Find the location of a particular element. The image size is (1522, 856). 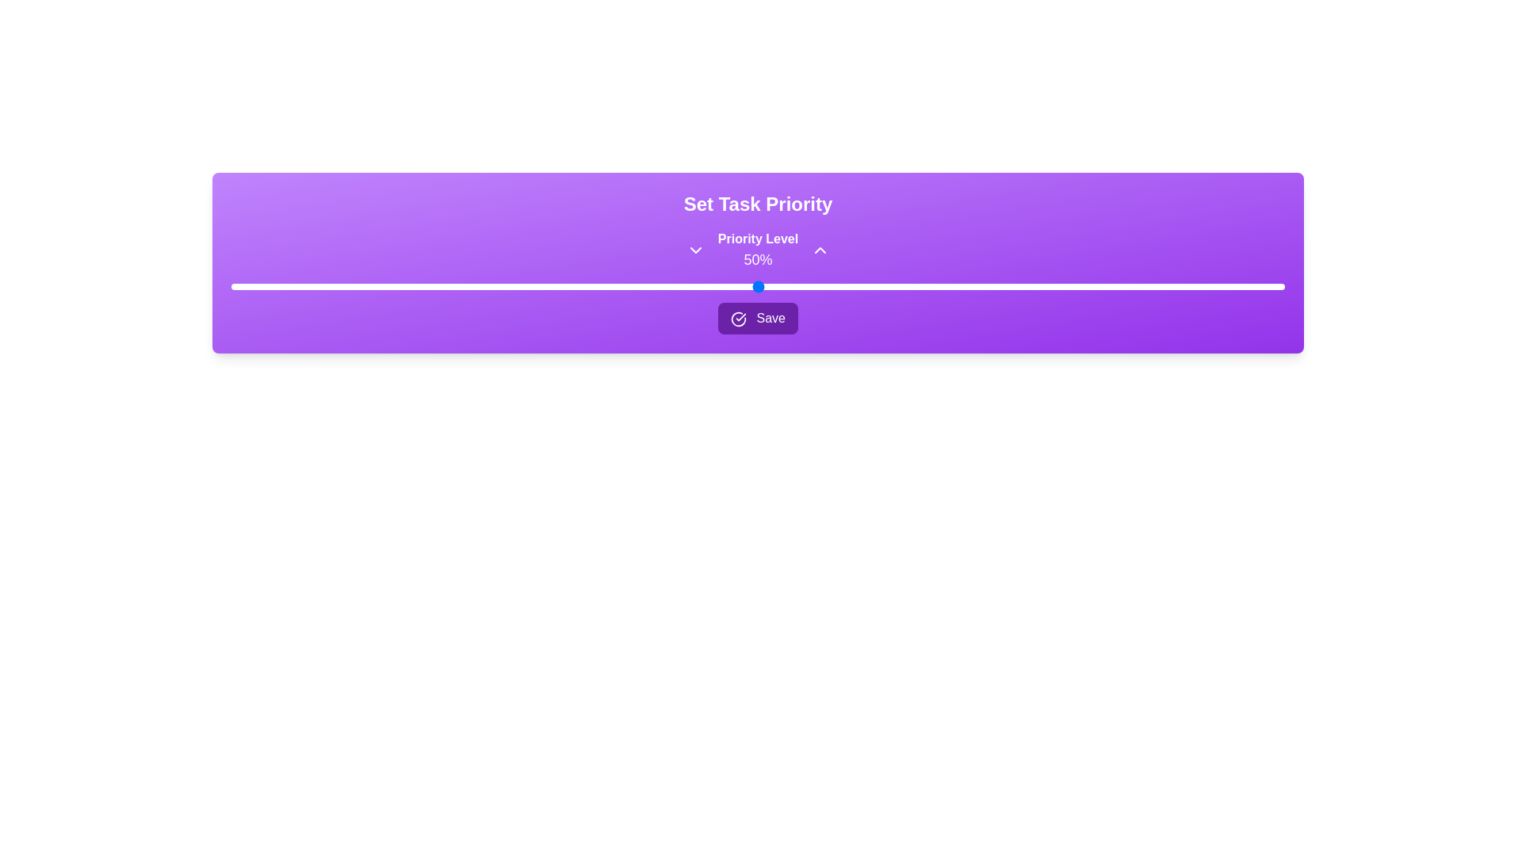

the priority level is located at coordinates (1137, 287).